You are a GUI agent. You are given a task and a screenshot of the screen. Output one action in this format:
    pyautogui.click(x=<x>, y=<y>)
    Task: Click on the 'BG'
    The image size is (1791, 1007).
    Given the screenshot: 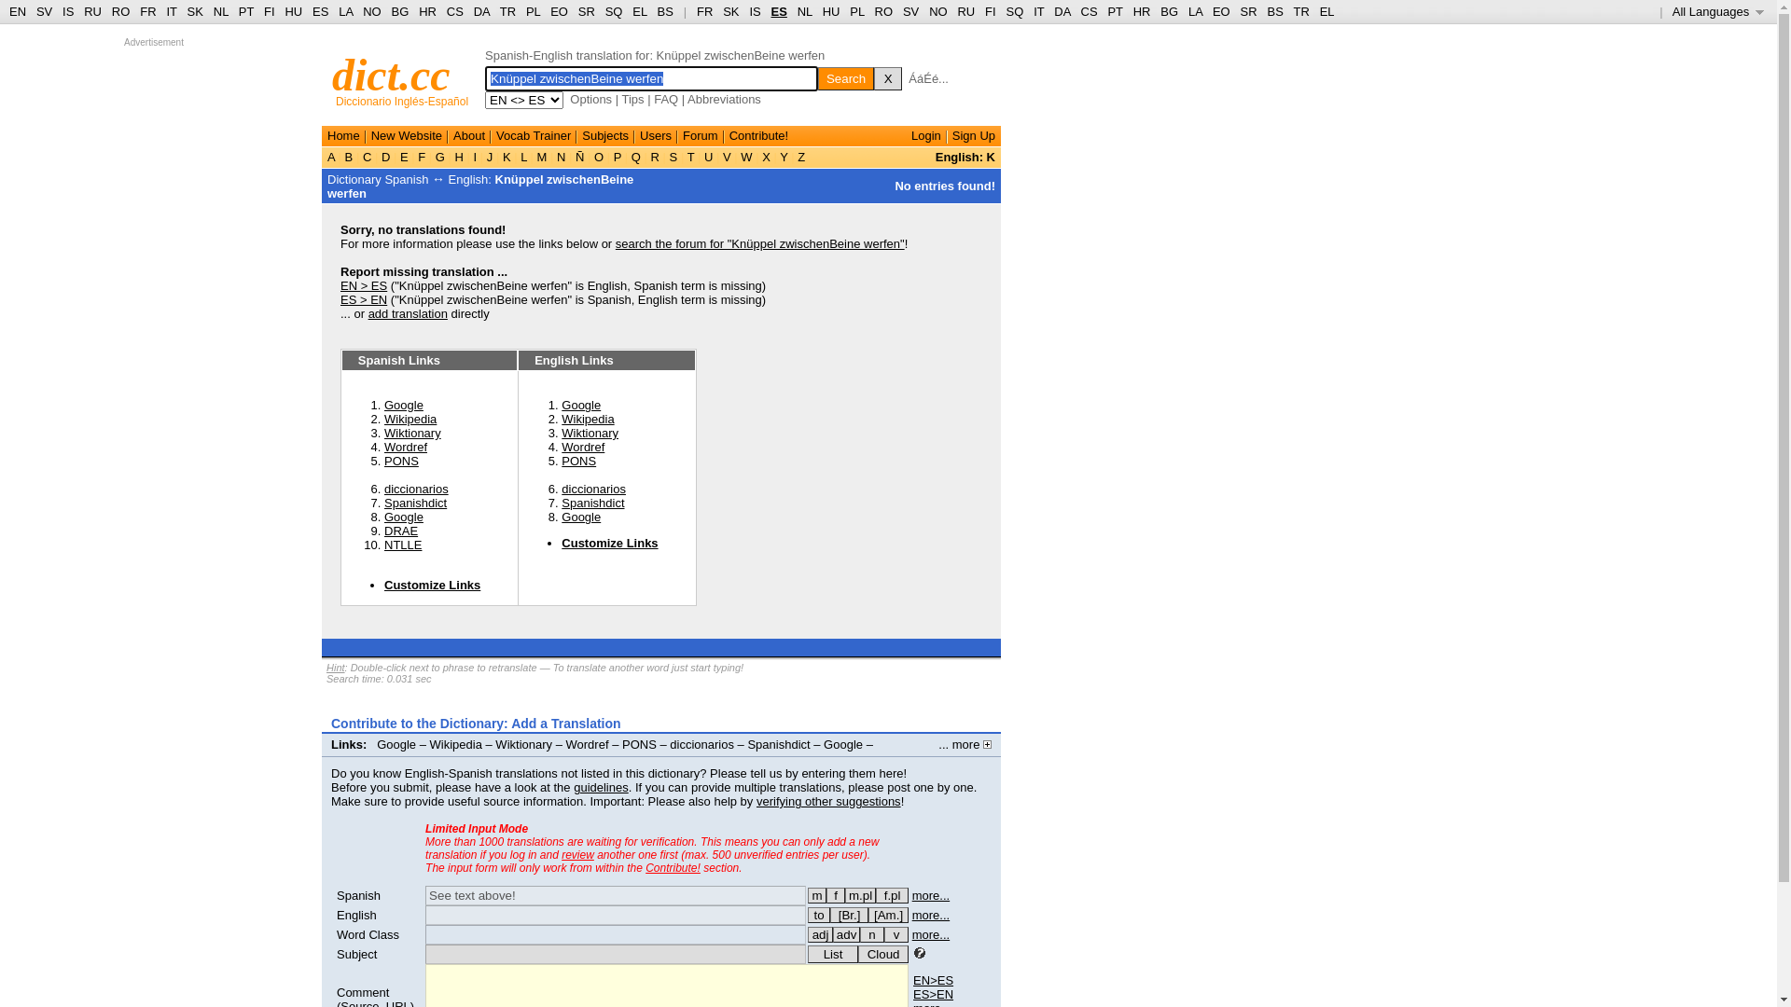 What is the action you would take?
    pyautogui.click(x=399, y=11)
    